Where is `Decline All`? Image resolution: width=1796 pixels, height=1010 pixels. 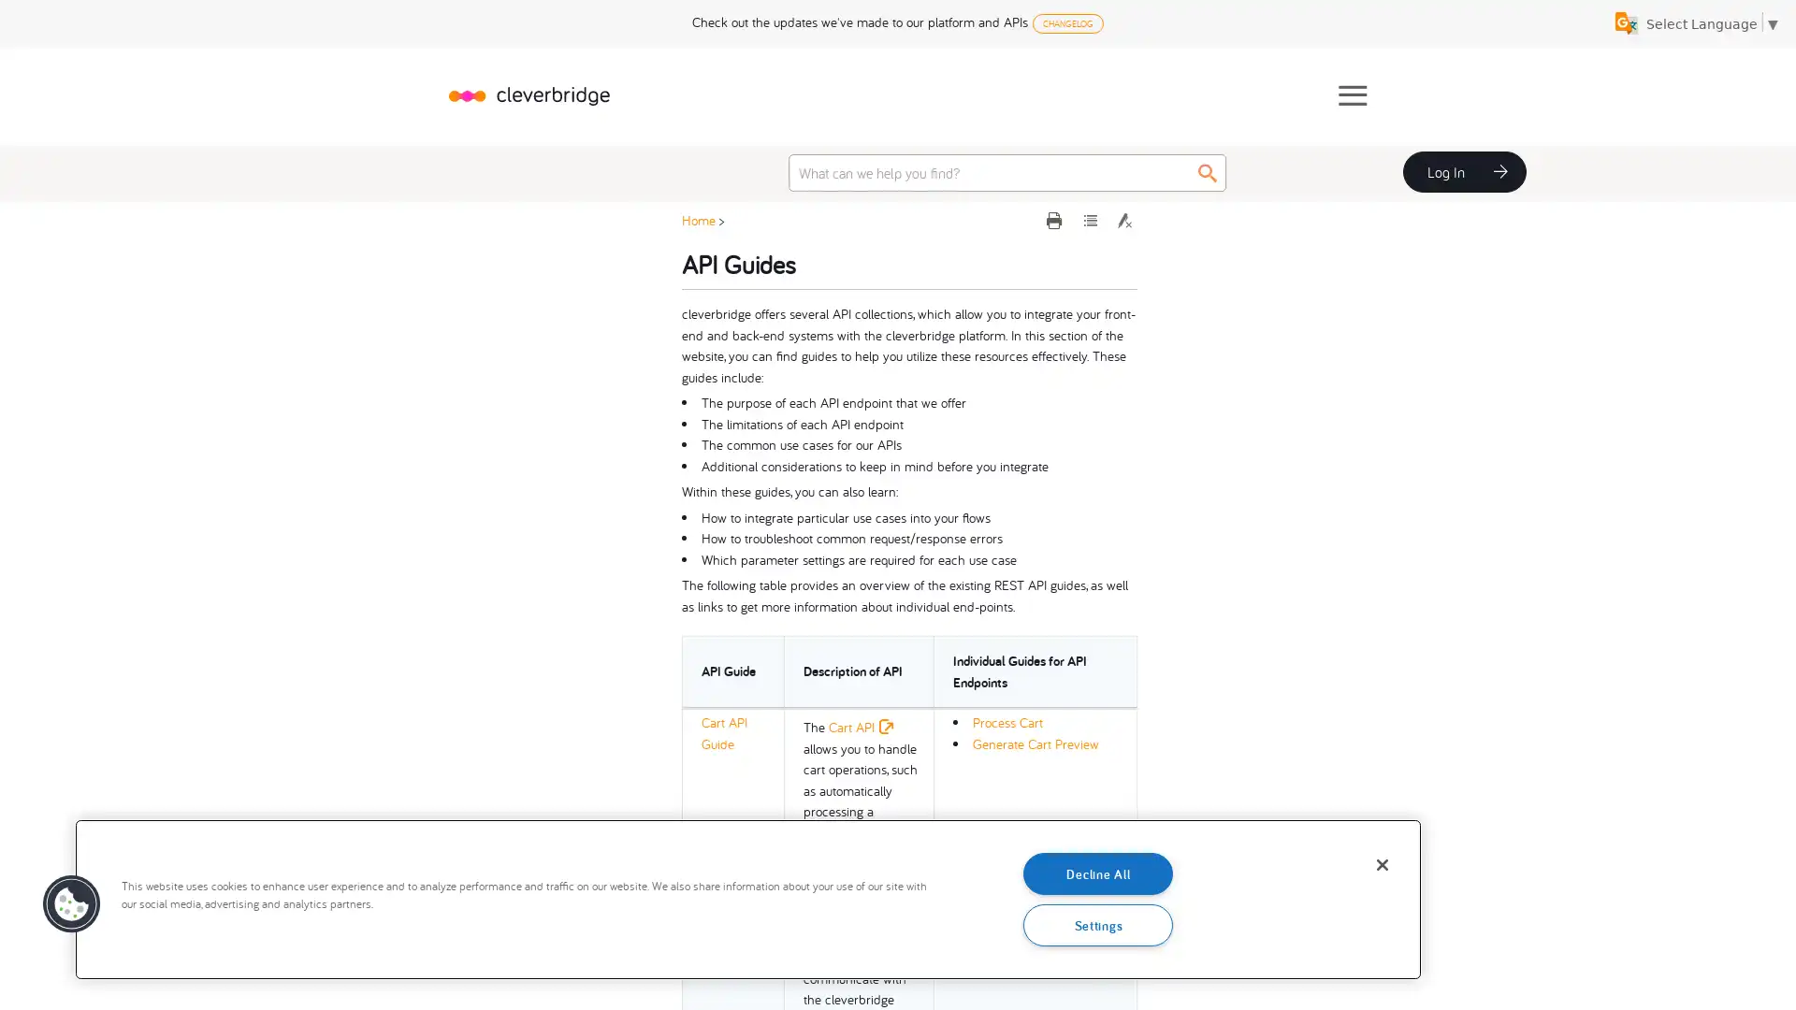 Decline All is located at coordinates (1098, 873).